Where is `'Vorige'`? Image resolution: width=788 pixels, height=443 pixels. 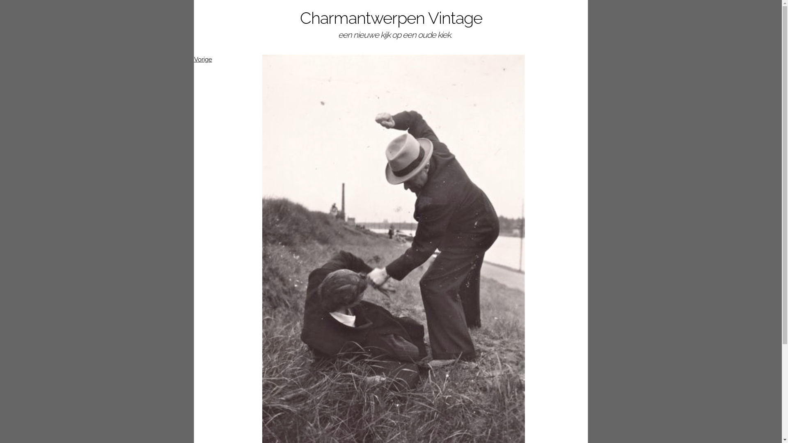 'Vorige' is located at coordinates (203, 59).